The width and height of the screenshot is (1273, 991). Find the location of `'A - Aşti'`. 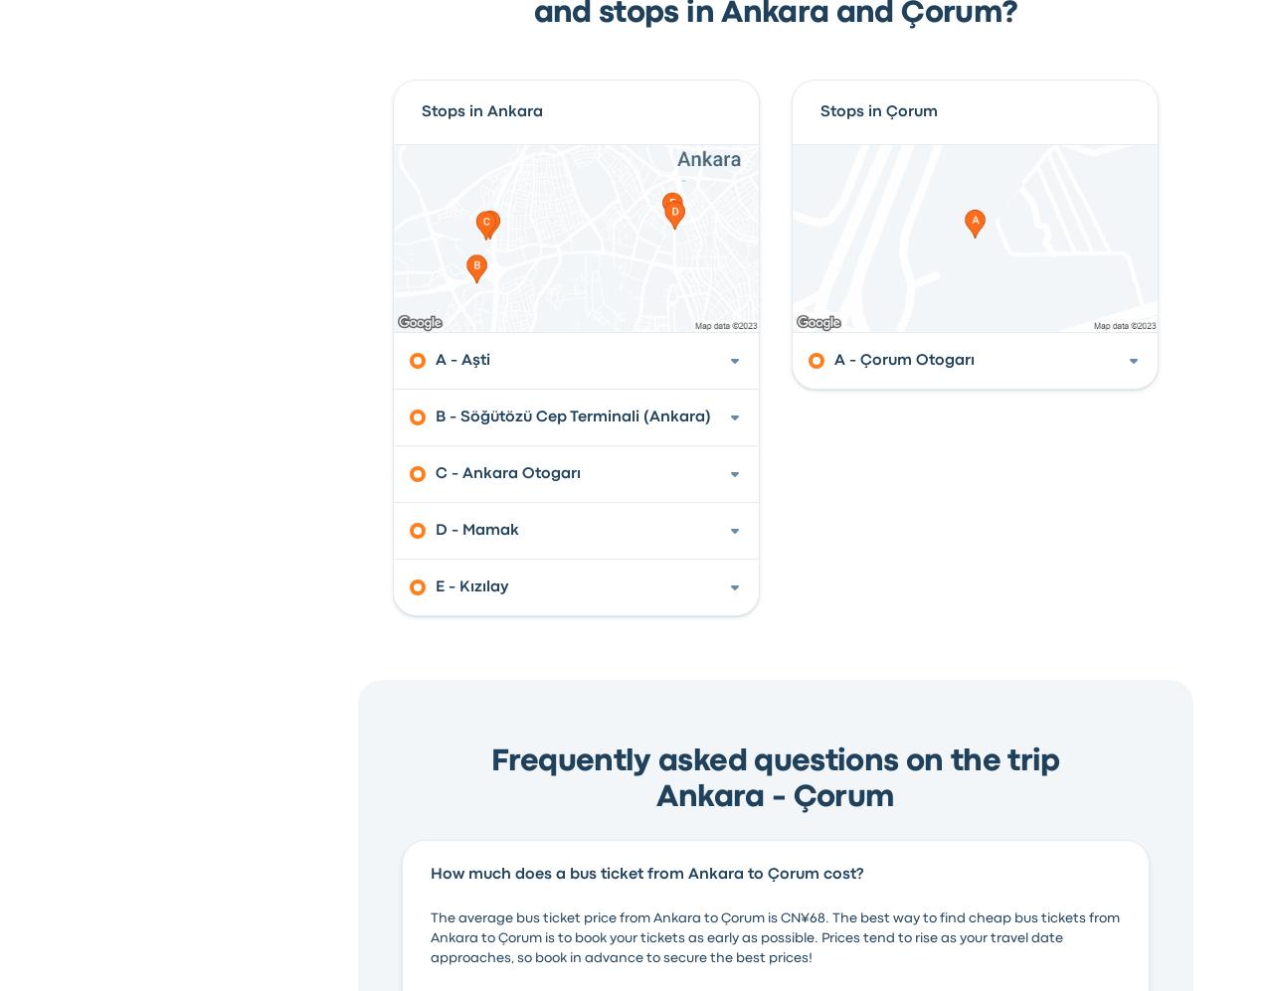

'A - Aşti' is located at coordinates (433, 359).